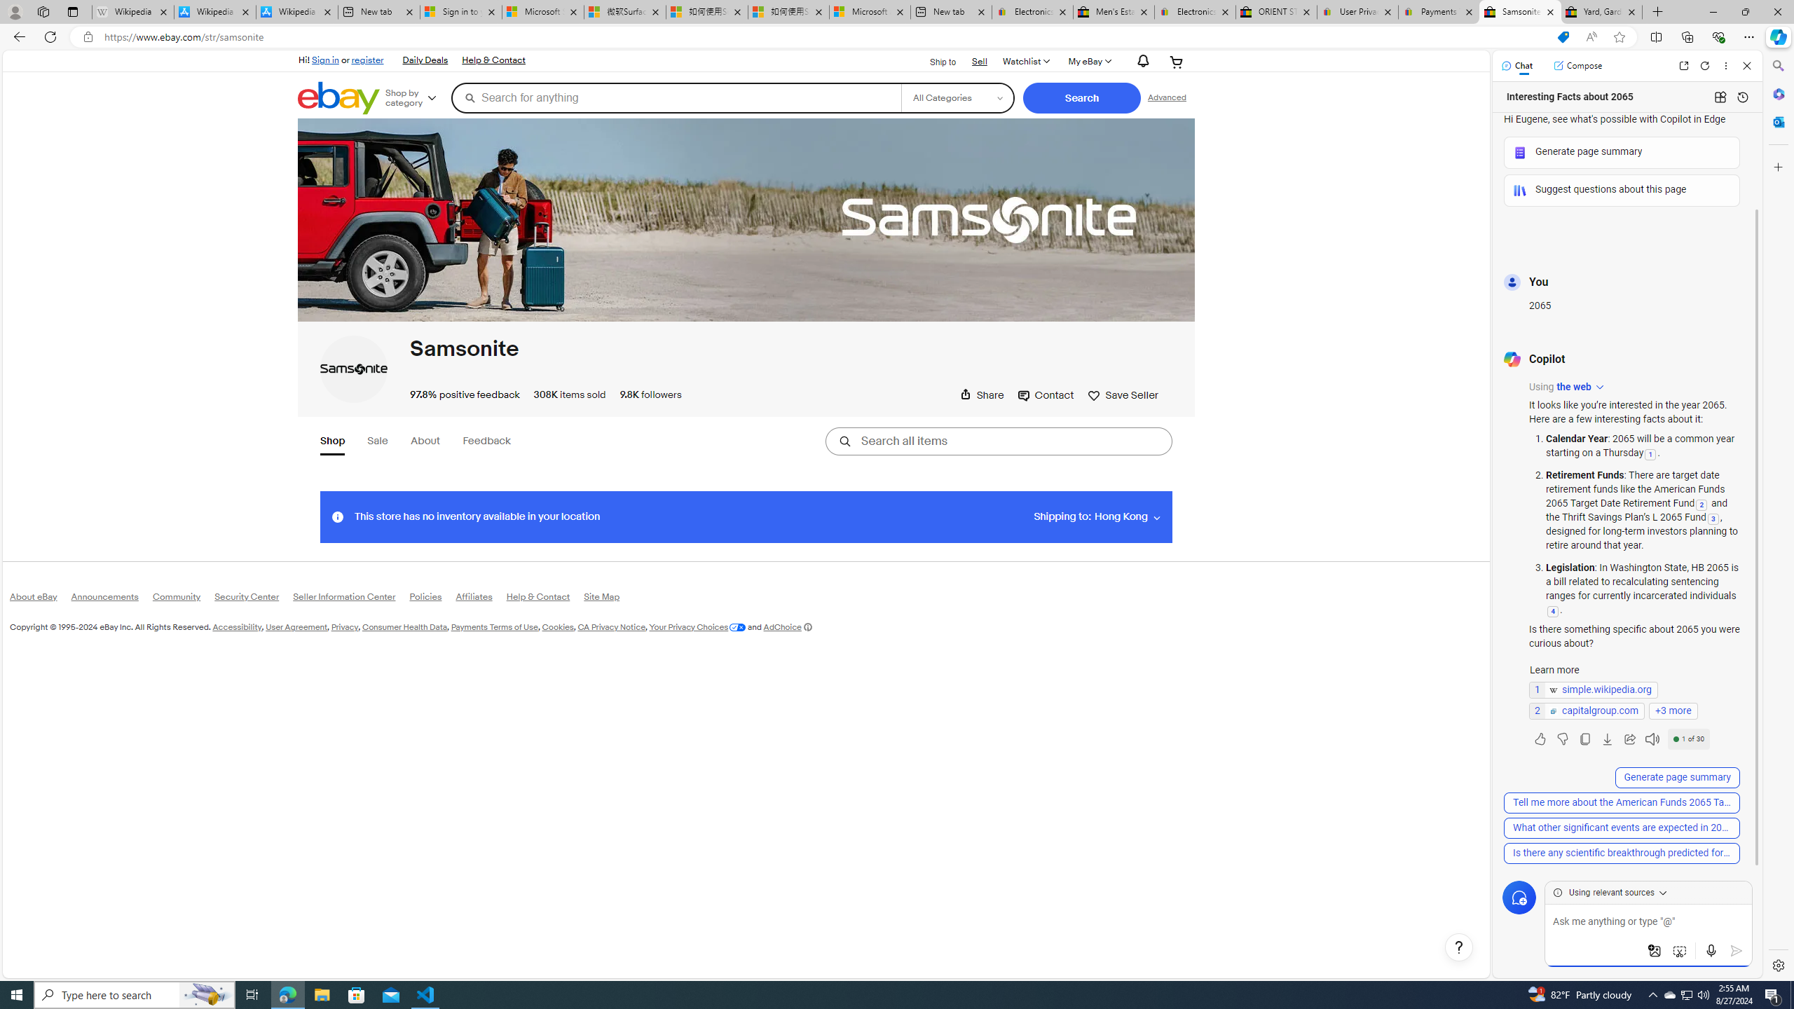 This screenshot has width=1794, height=1009. I want to click on 'Help, opens dialogs', so click(1459, 947).